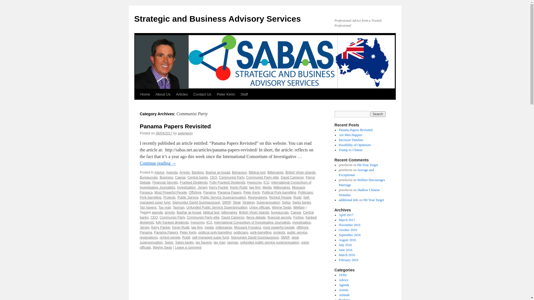 The height and width of the screenshot is (300, 534). What do you see at coordinates (275, 172) in the screenshot?
I see `'Billionaires'` at bounding box center [275, 172].